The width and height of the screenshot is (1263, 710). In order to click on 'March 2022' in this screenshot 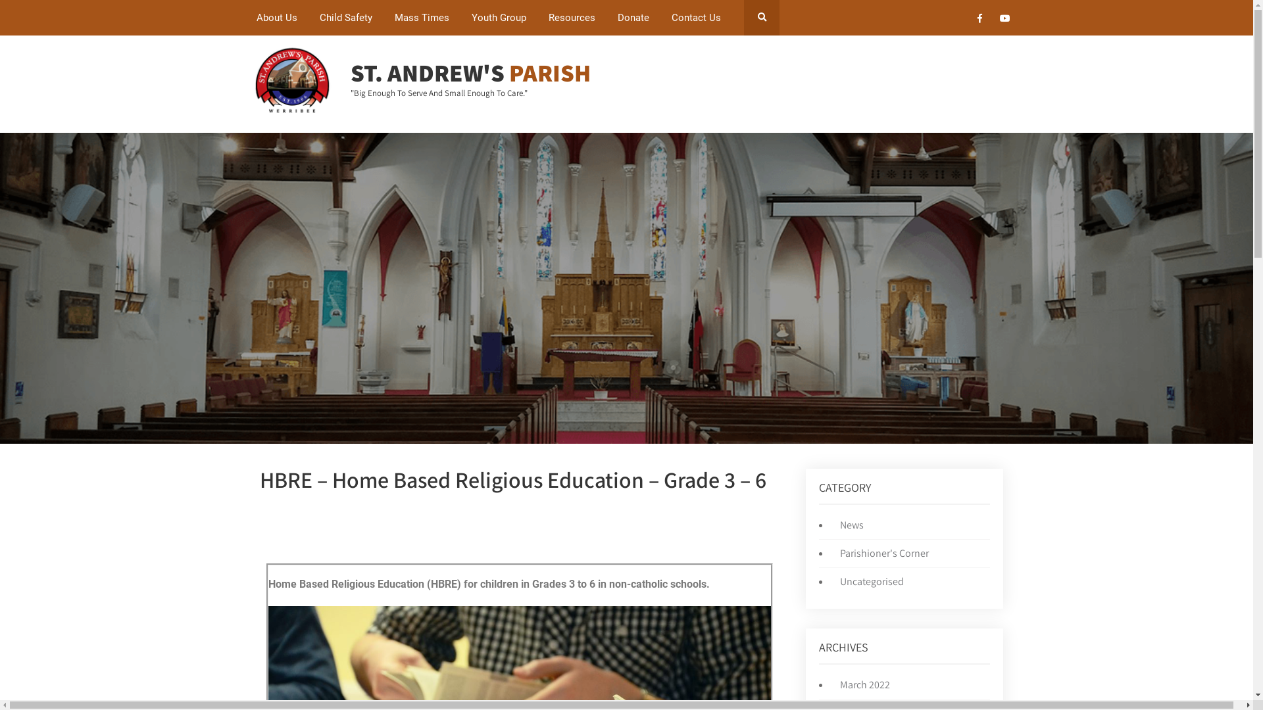, I will do `click(862, 684)`.